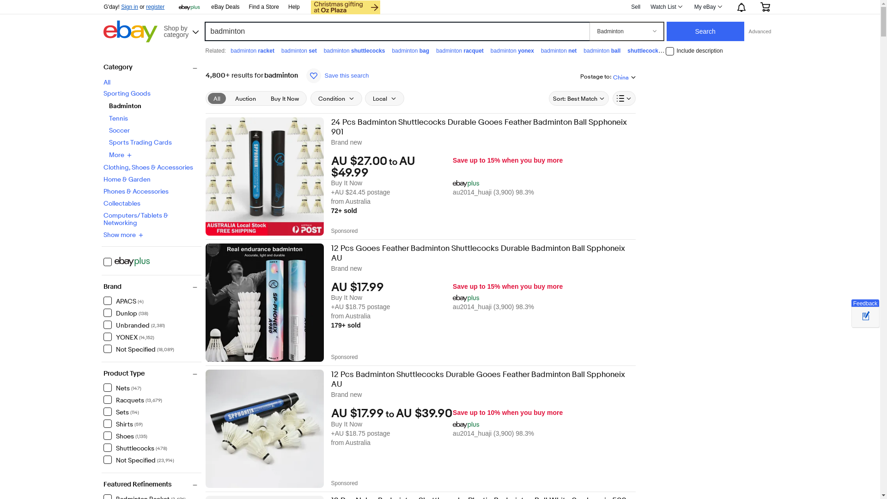 This screenshot has width=887, height=499. I want to click on 'Notification', so click(729, 7).